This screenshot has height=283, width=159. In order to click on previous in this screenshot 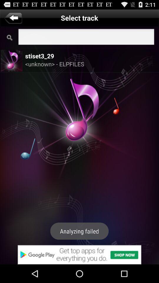, I will do `click(13, 17)`.